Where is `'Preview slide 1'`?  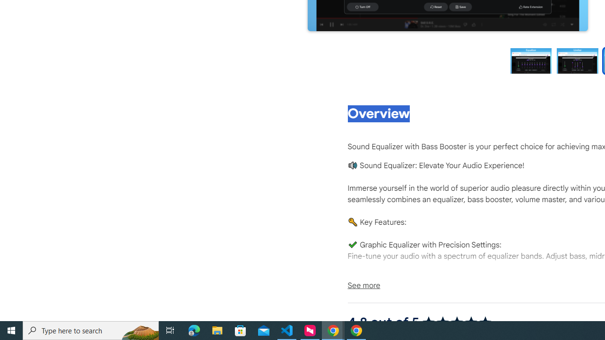
'Preview slide 1' is located at coordinates (531, 60).